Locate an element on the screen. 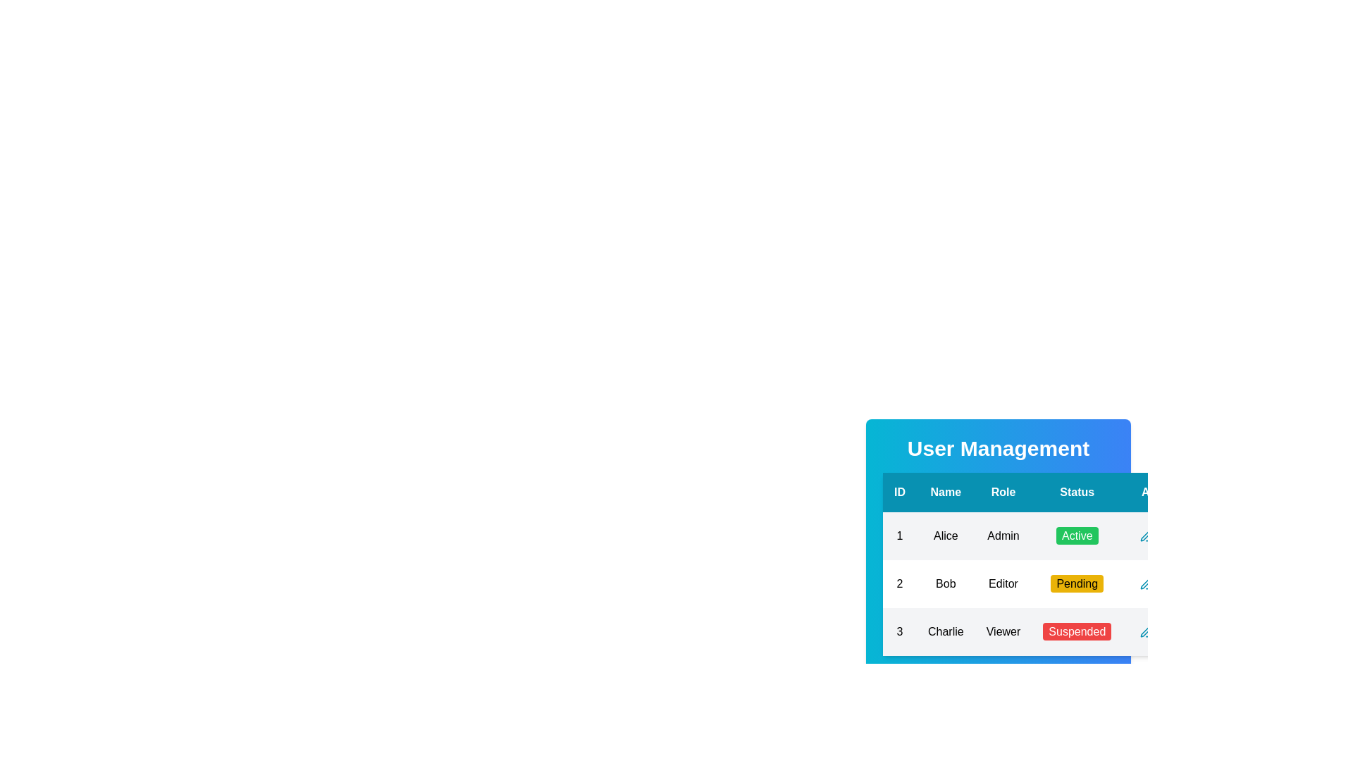  the content of the static text label that signifies the row number or identifier within the User Management tabular layout, positioned to the left of 'Alice' is located at coordinates (898, 536).